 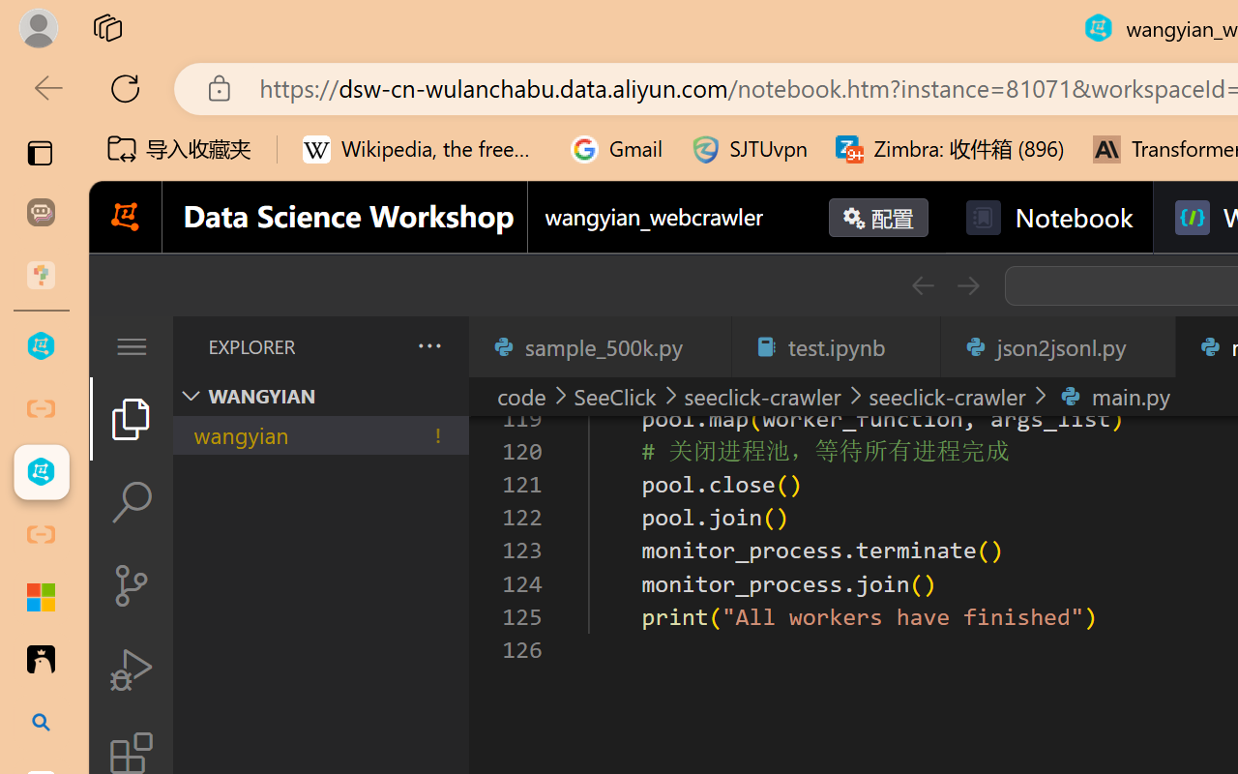 I want to click on 'Explorer actions', so click(x=378, y=346).